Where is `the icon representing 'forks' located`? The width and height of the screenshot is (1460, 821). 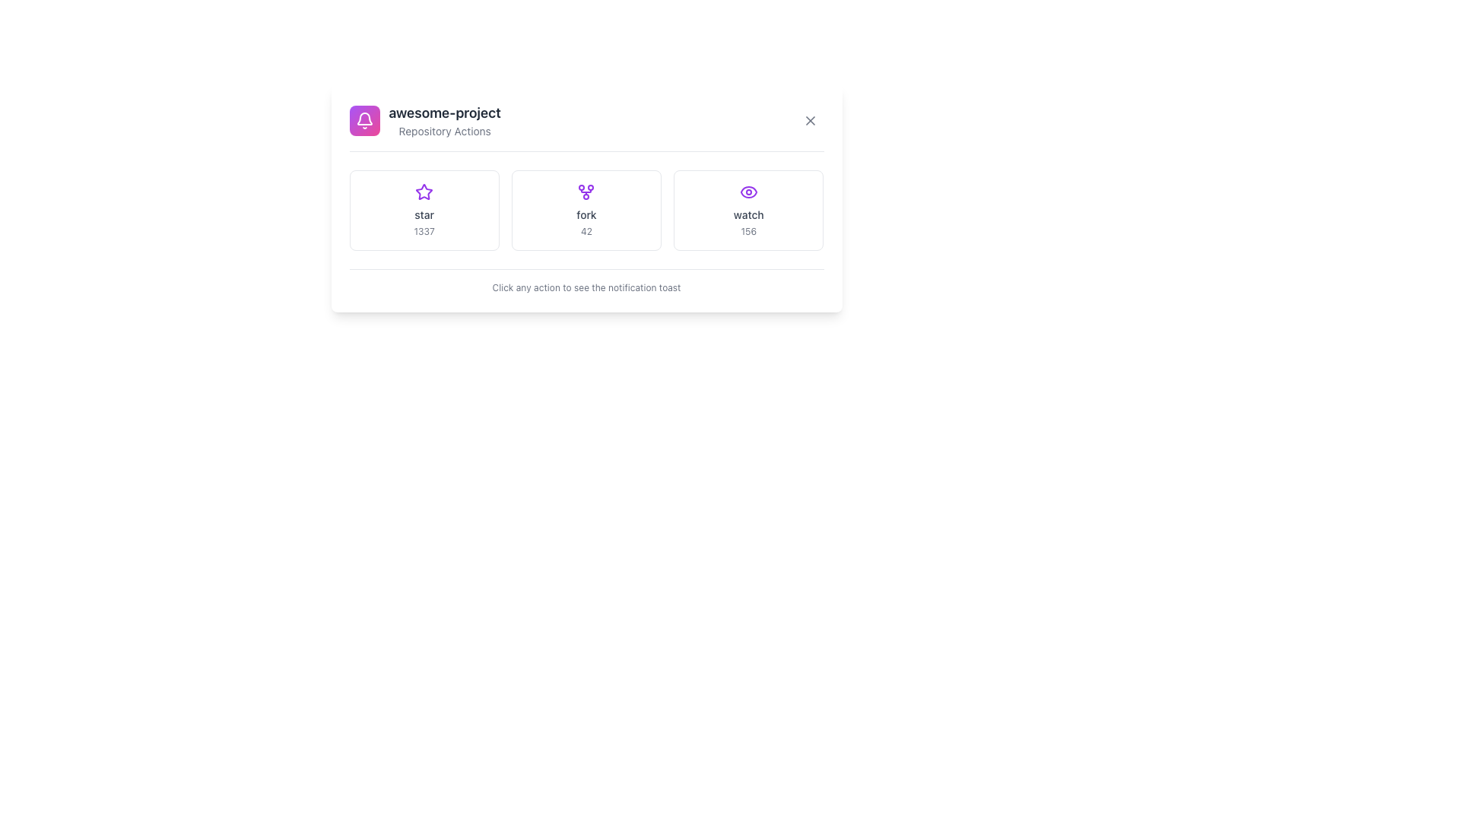
the icon representing 'forks' located is located at coordinates (586, 192).